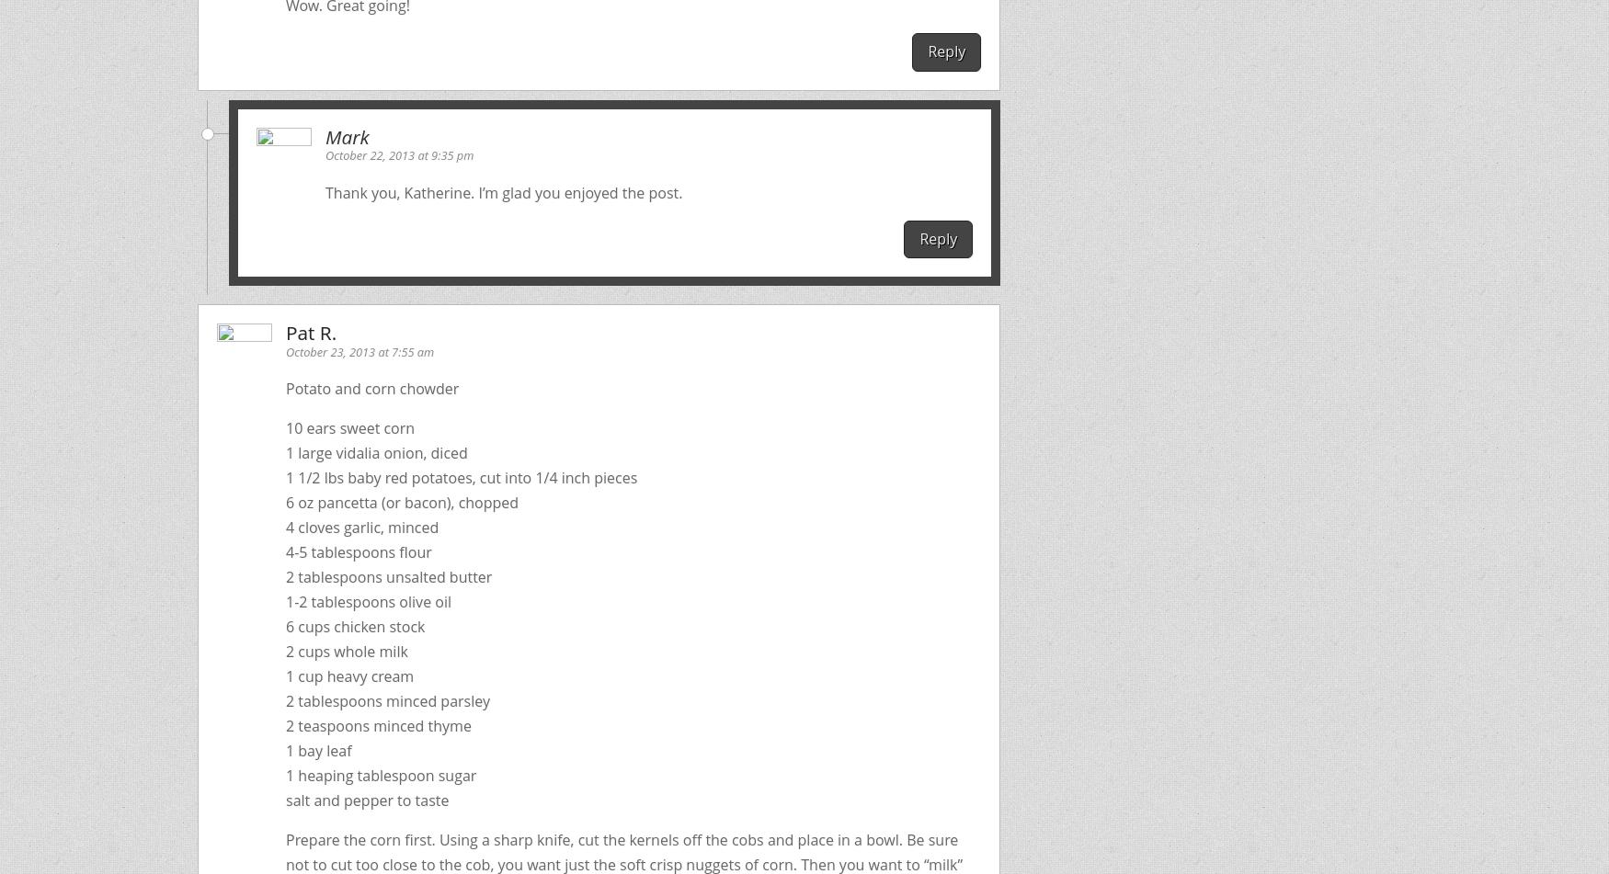 The image size is (1609, 874). What do you see at coordinates (371, 389) in the screenshot?
I see `'Potato and corn chowder'` at bounding box center [371, 389].